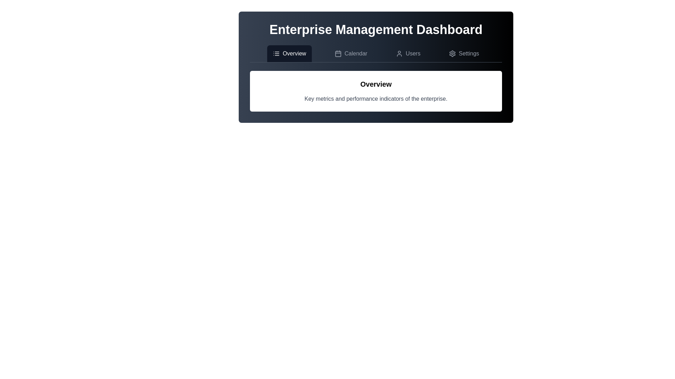 The image size is (675, 379). What do you see at coordinates (452, 53) in the screenshot?
I see `the 'Settings' icon (SVG image) located to the far left of the 'Settings' label in the navigation bar` at bounding box center [452, 53].